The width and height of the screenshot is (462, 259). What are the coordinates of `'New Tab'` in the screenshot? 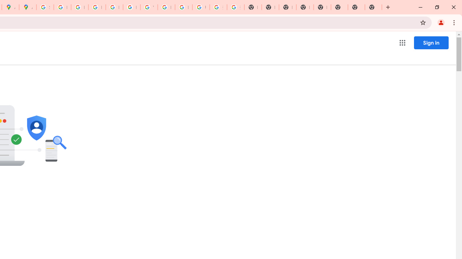 It's located at (373, 7).